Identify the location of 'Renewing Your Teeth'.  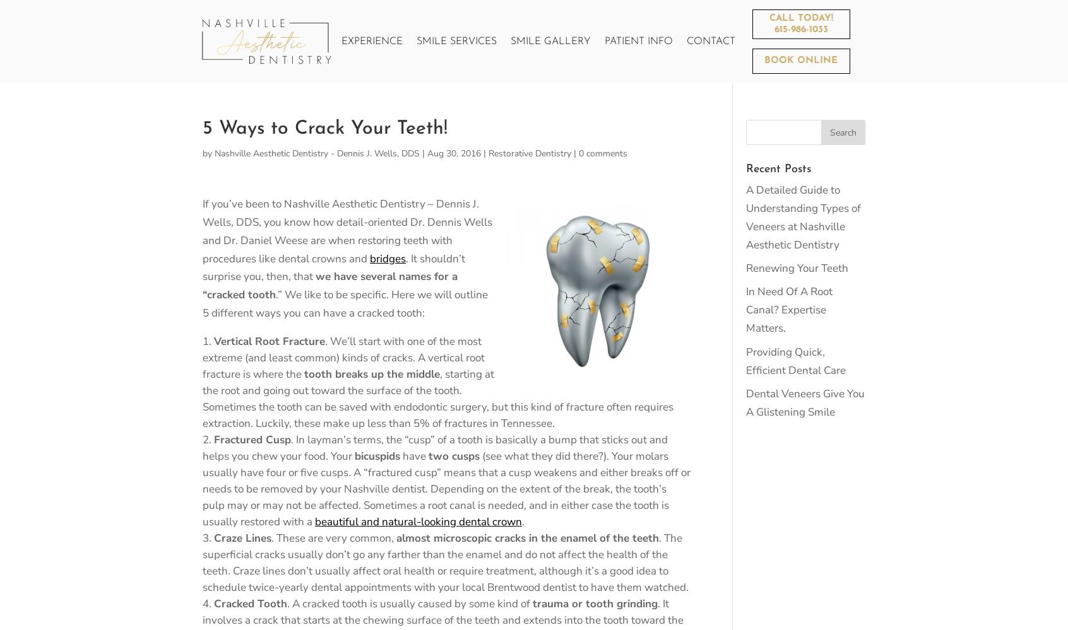
(797, 267).